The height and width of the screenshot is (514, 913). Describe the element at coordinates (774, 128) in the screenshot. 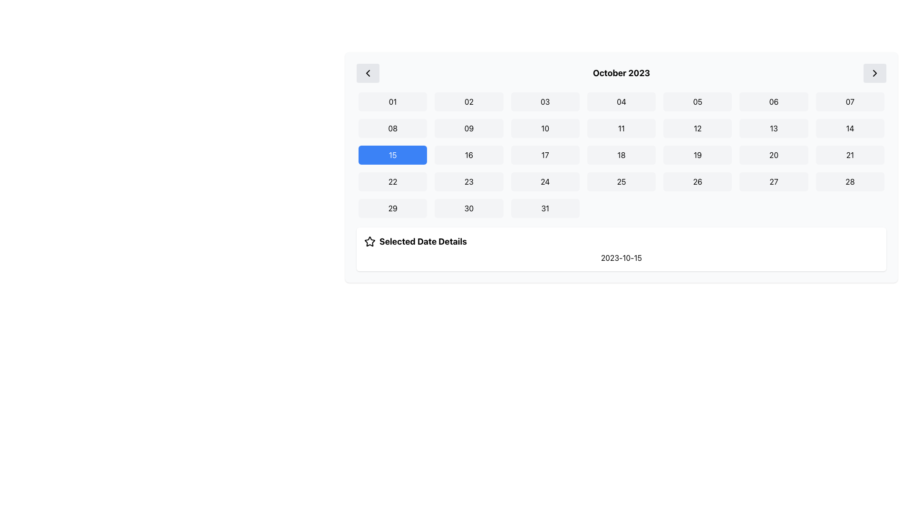

I see `the button representing the 13th day in the calendar component` at that location.